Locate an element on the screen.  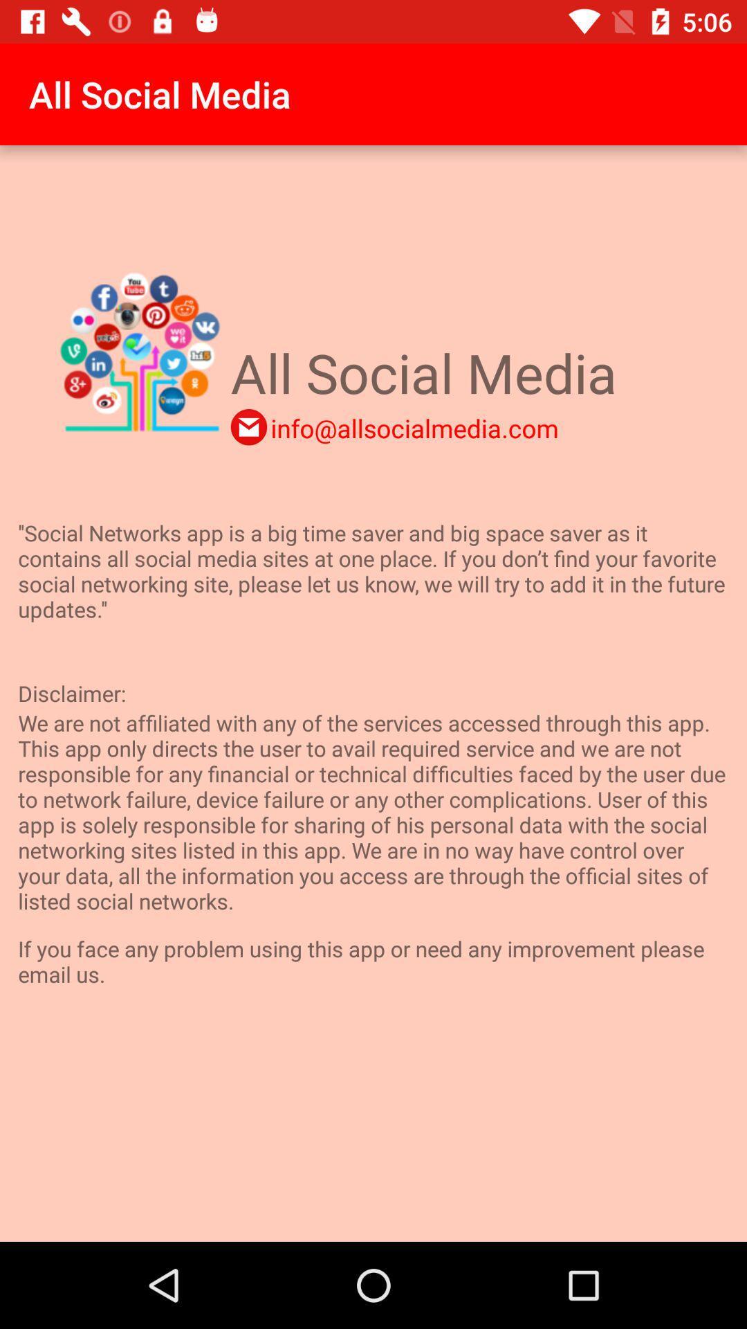
the item above social networks app is located at coordinates (248, 426).